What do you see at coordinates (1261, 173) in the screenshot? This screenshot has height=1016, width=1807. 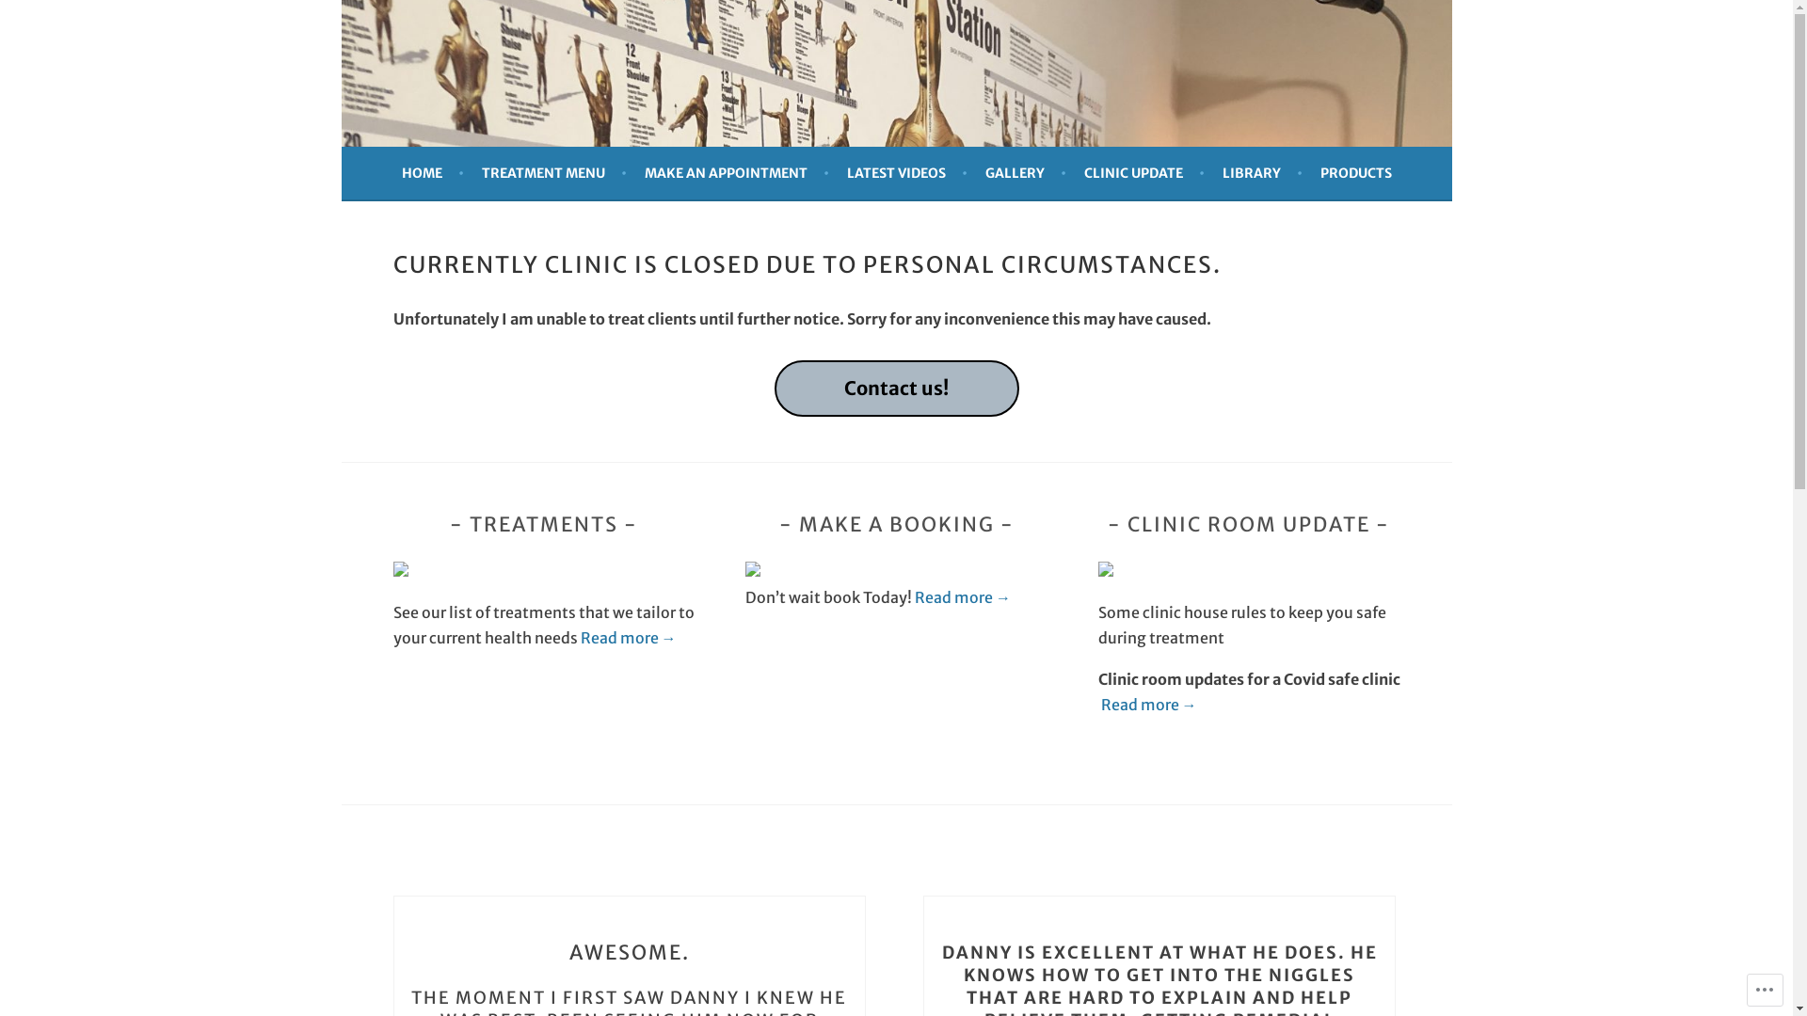 I see `'LIBRARY'` at bounding box center [1261, 173].